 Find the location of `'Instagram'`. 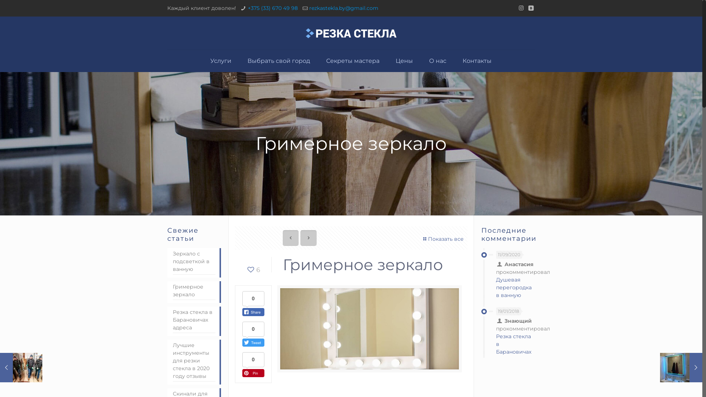

'Instagram' is located at coordinates (521, 8).